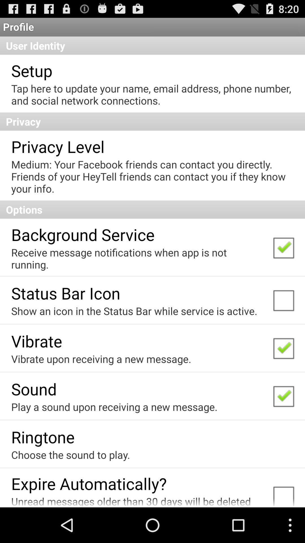 The width and height of the screenshot is (305, 543). Describe the element at coordinates (152, 209) in the screenshot. I see `app below the medium your facebook item` at that location.